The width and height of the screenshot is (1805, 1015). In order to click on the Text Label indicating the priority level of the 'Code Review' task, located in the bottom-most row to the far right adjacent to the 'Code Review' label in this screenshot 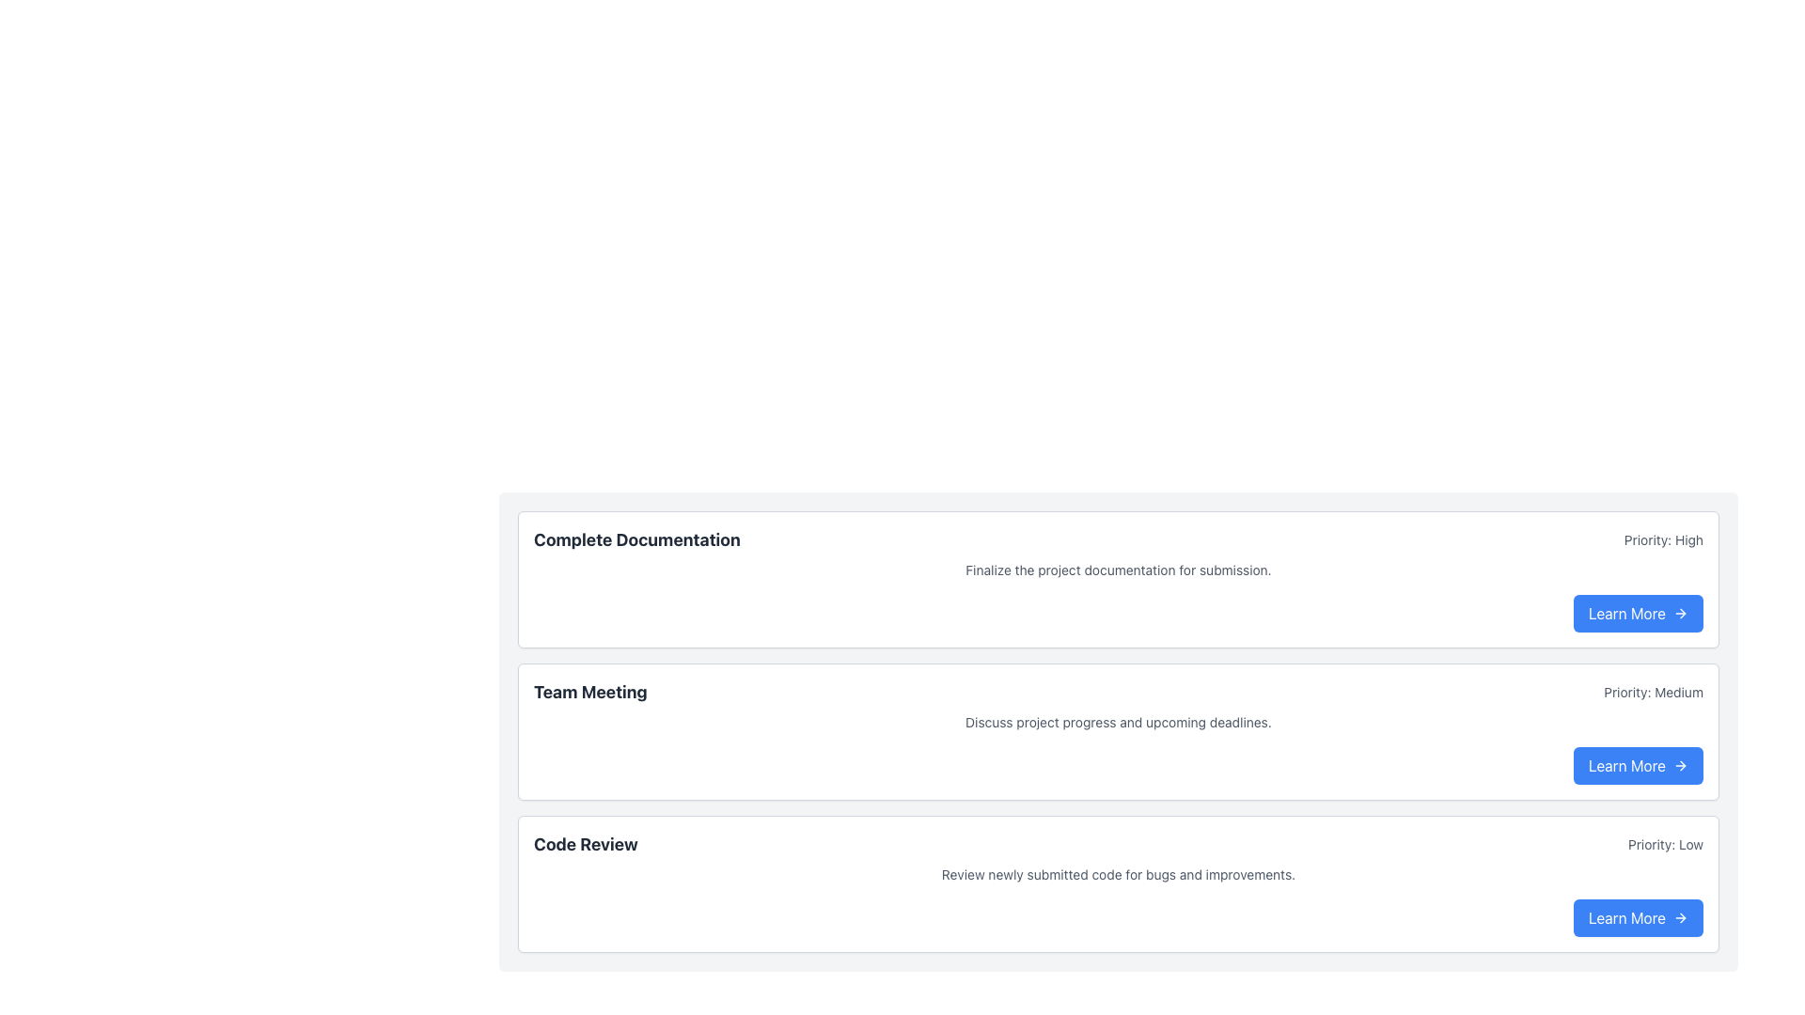, I will do `click(1665, 843)`.